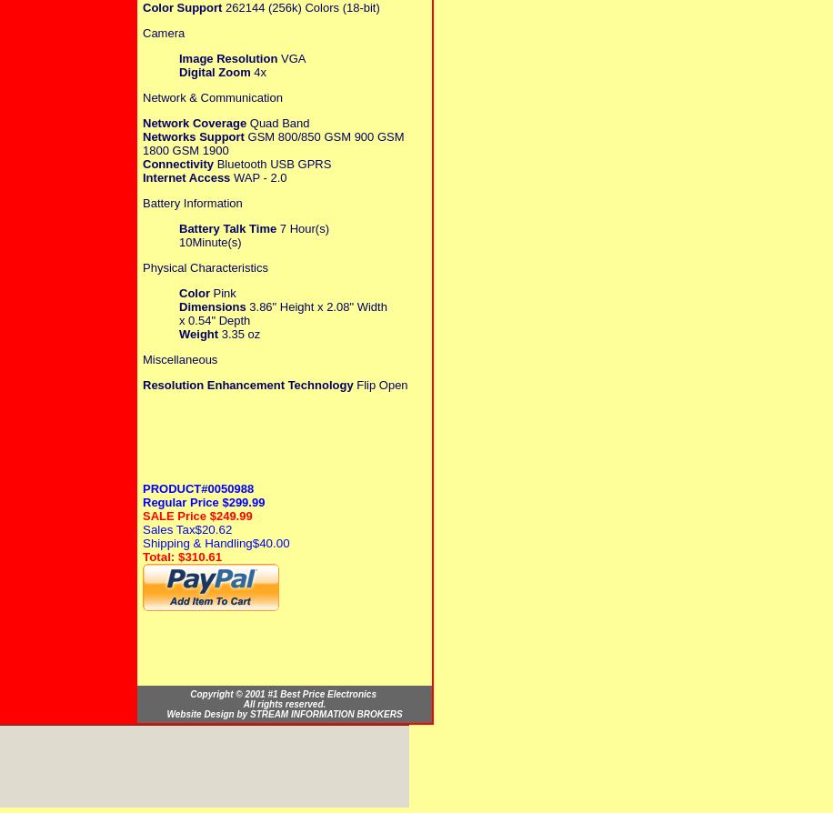 This screenshot has height=813, width=833. I want to click on 'SALE Price $249.99', so click(196, 515).